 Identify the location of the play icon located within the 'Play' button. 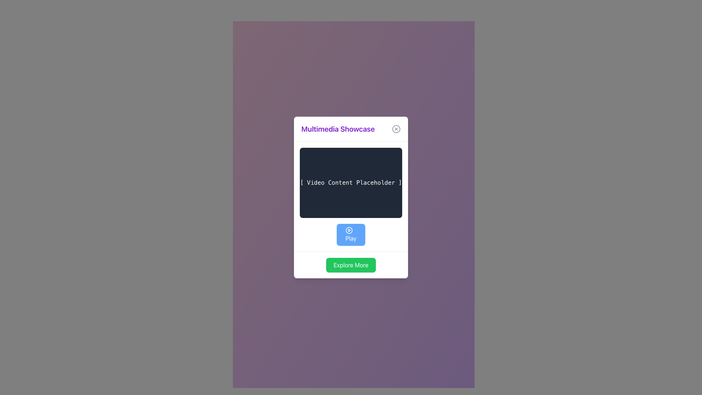
(348, 230).